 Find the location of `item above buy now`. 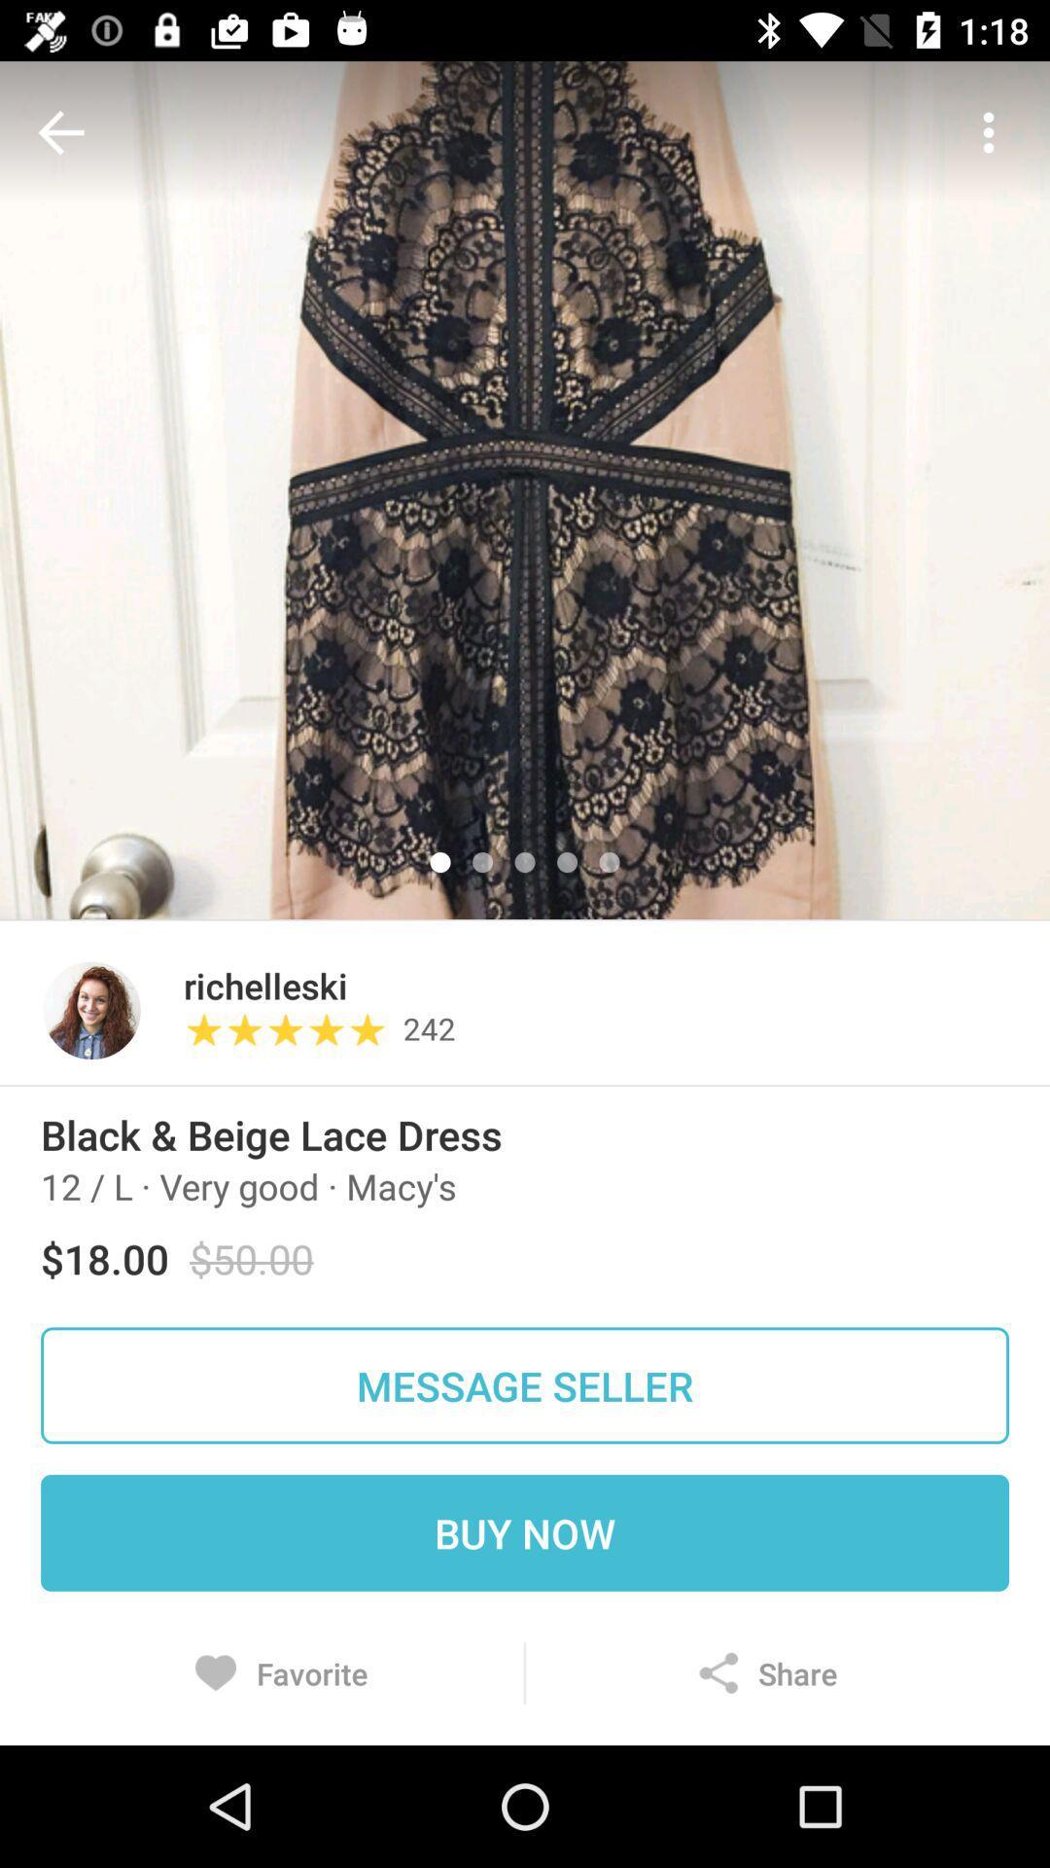

item above buy now is located at coordinates (525, 1384).